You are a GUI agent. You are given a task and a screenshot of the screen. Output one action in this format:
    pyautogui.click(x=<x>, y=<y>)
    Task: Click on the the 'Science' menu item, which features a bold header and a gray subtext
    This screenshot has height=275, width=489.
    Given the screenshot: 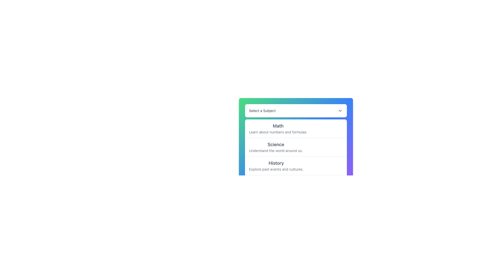 What is the action you would take?
    pyautogui.click(x=276, y=147)
    